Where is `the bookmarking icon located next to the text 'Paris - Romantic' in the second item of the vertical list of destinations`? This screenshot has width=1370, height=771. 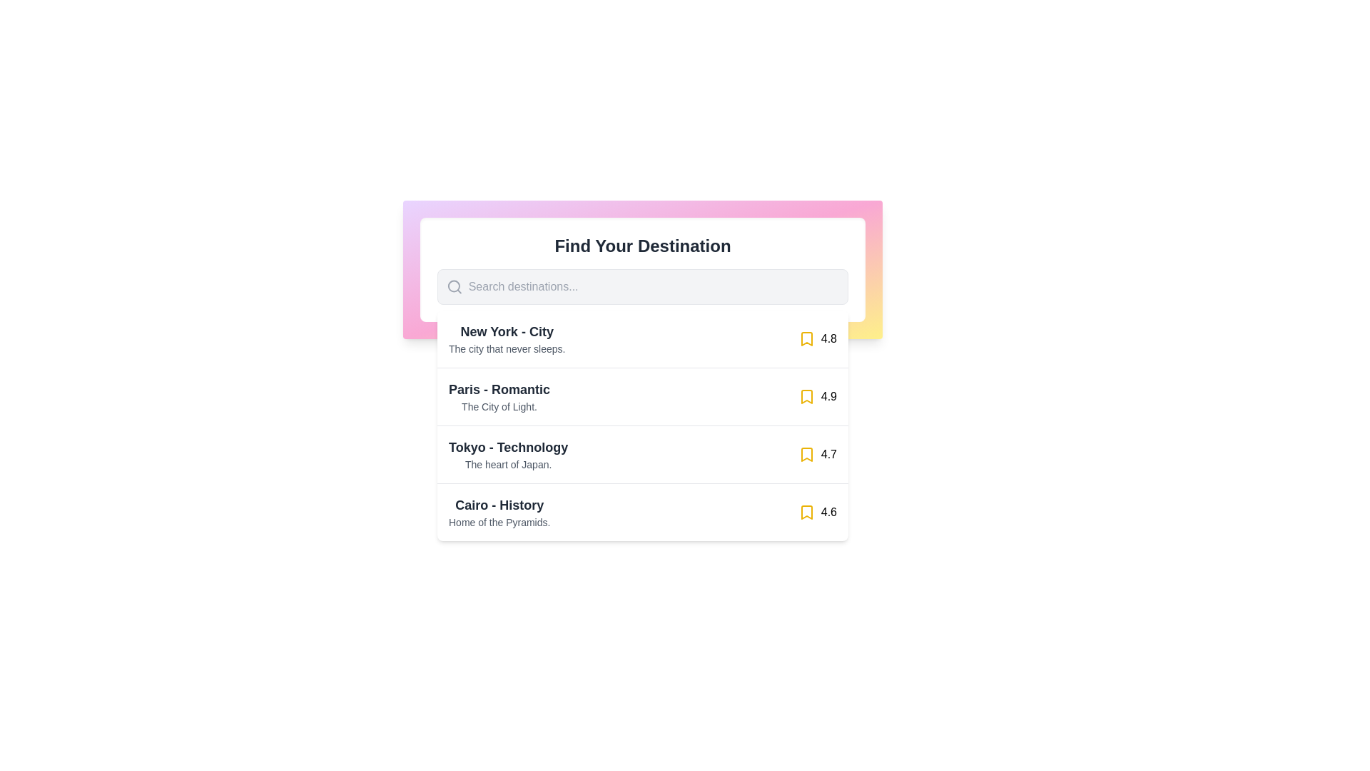 the bookmarking icon located next to the text 'Paris - Romantic' in the second item of the vertical list of destinations is located at coordinates (806, 396).